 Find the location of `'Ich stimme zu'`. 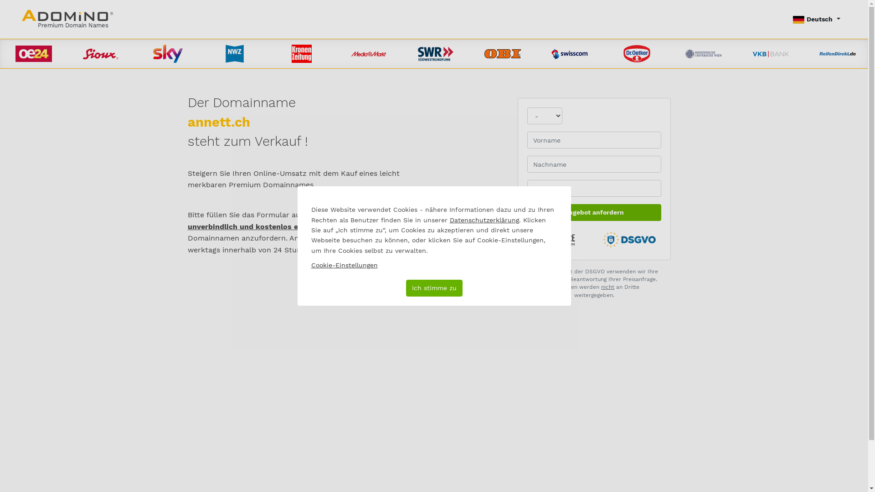

'Ich stimme zu' is located at coordinates (433, 288).